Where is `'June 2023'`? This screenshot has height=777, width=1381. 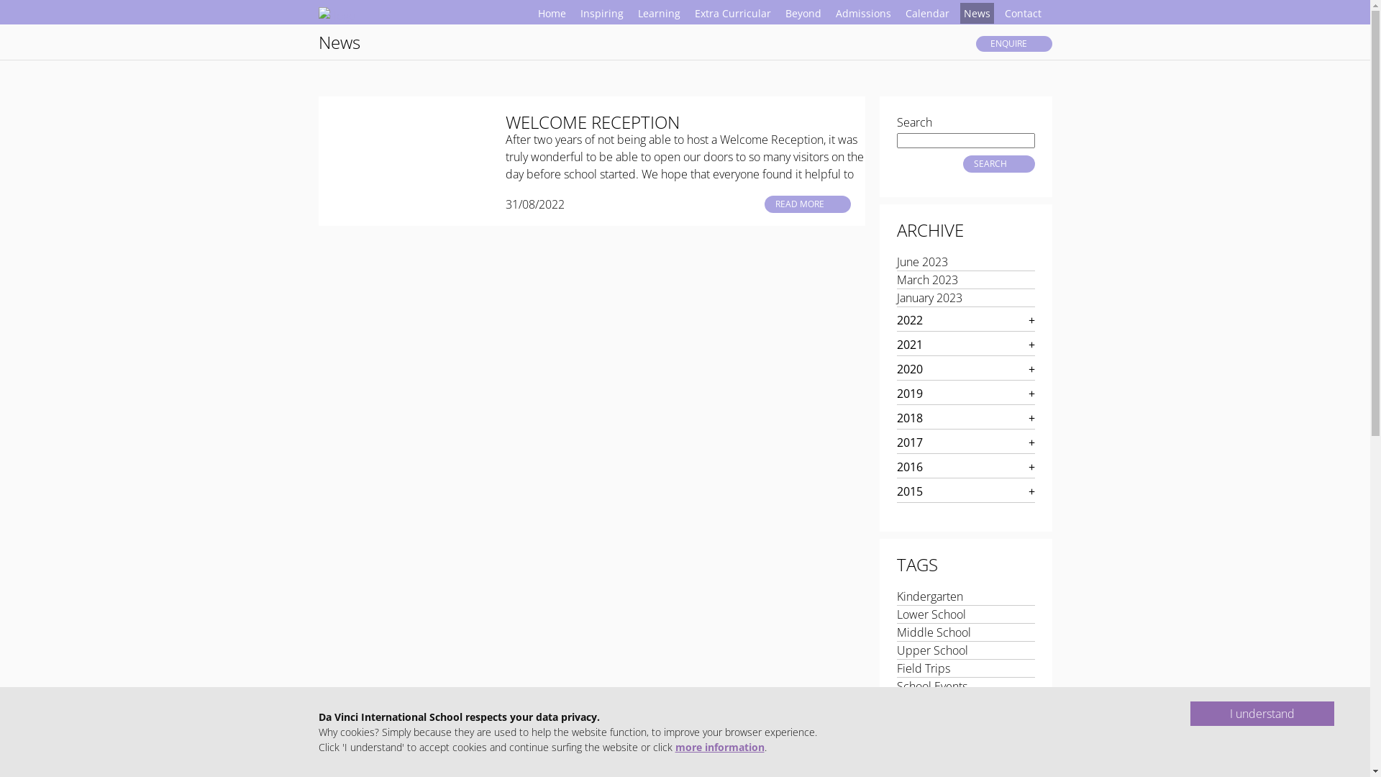 'June 2023' is located at coordinates (921, 261).